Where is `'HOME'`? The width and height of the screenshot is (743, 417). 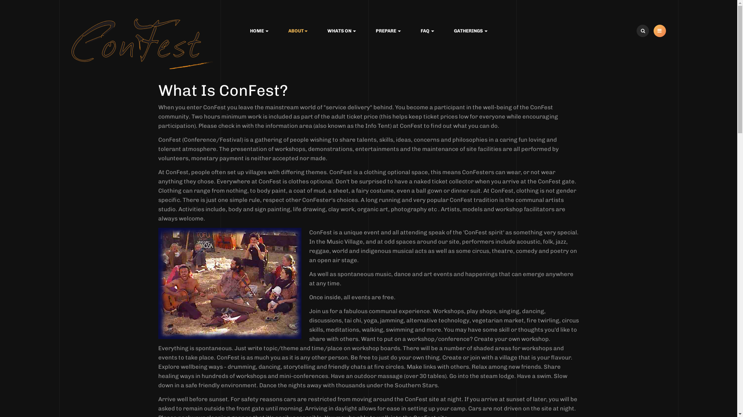
'HOME' is located at coordinates (259, 31).